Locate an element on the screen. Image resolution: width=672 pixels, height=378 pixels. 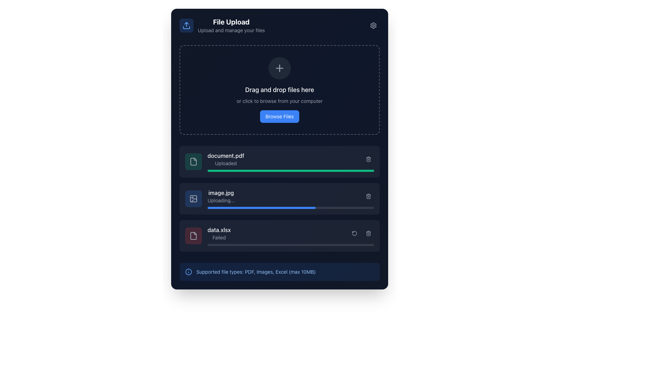
the file icon represented as an outlined document symbol located within a red-tinted rectangular area, positioned above the label text 'data.xlsx' is located at coordinates (193, 236).